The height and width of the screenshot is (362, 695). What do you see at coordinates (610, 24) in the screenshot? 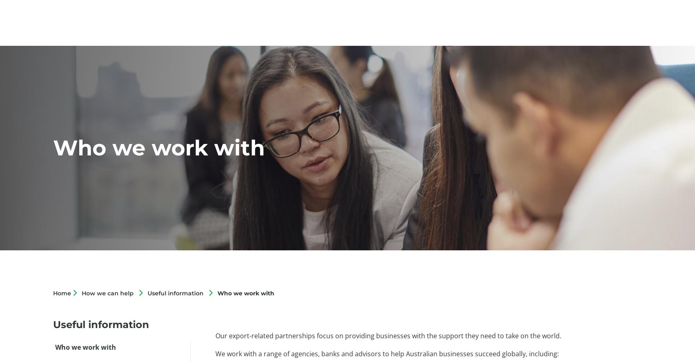
I see `'Contact us'` at bounding box center [610, 24].